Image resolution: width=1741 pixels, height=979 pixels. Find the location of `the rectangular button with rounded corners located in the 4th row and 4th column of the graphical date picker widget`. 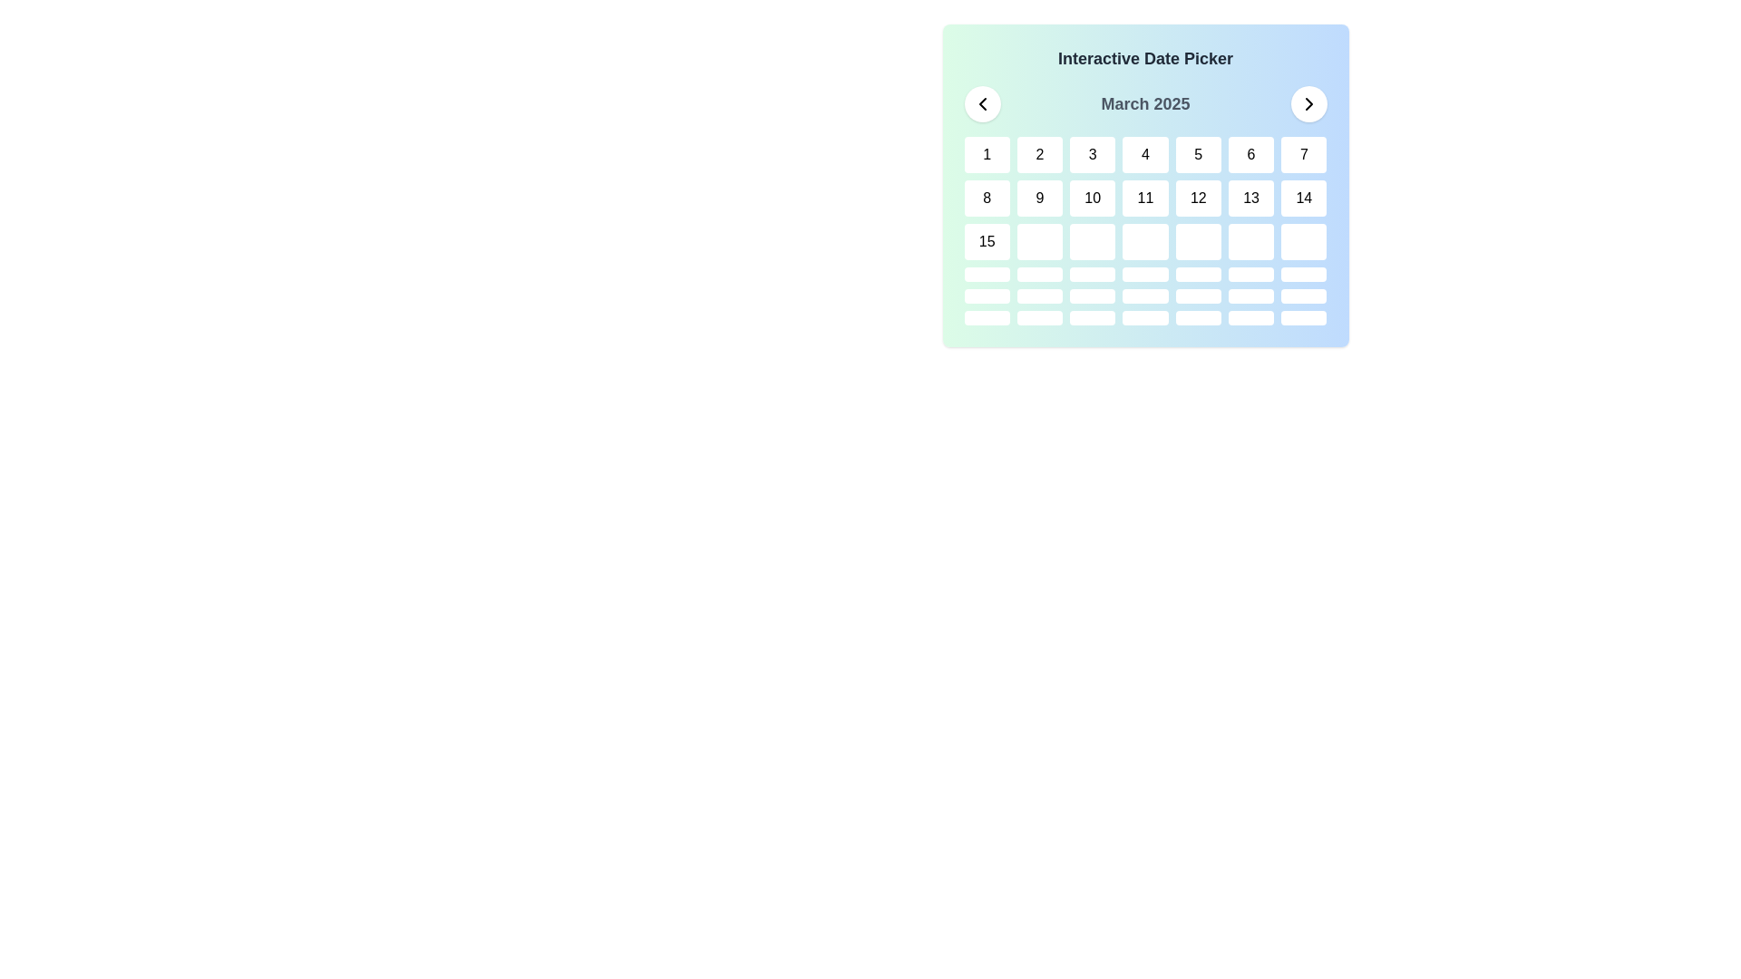

the rectangular button with rounded corners located in the 4th row and 4th column of the graphical date picker widget is located at coordinates (1144, 296).